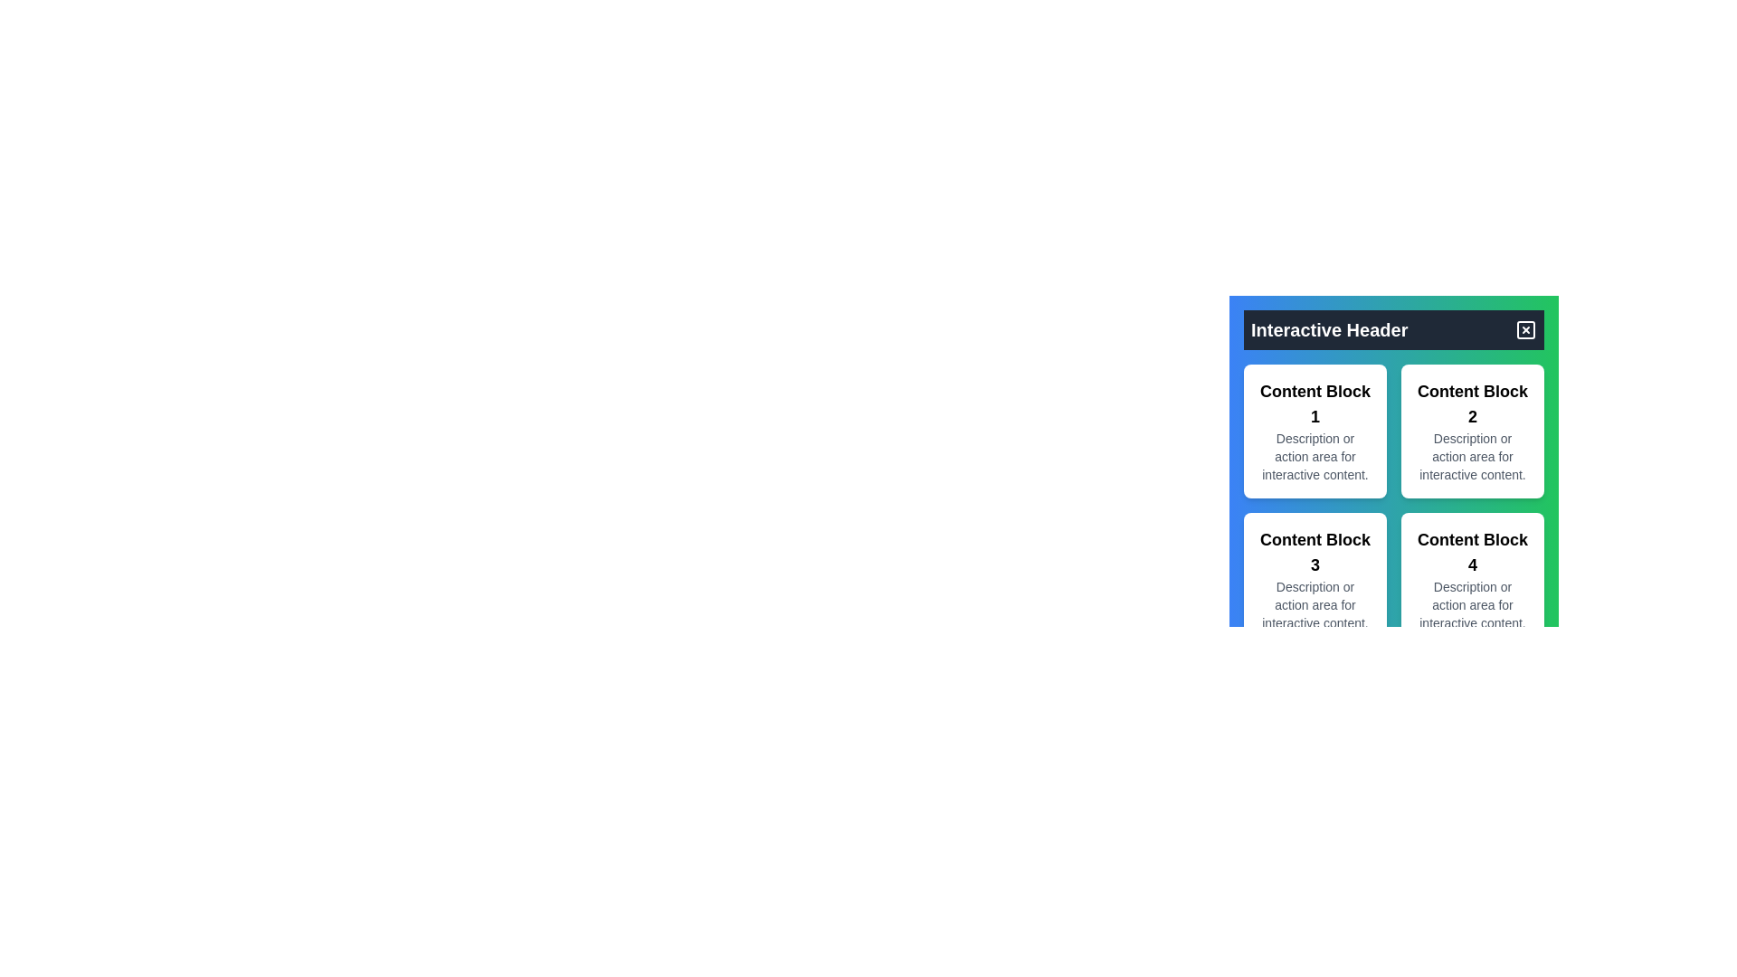 The height and width of the screenshot is (977, 1737). Describe the element at coordinates (1315, 403) in the screenshot. I see `the heading text element located at the top section of the first card in a two-by-two grid layout, which provides a summary title for the card` at that location.